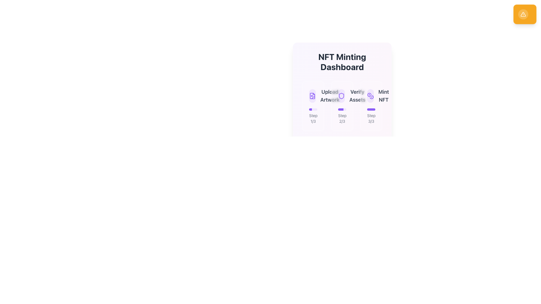 Image resolution: width=541 pixels, height=304 pixels. What do you see at coordinates (342, 116) in the screenshot?
I see `the text label displaying 'Step 2/3' which is styled in a small, gray font and located below the purple progress bar in the 'Verify Assets' step` at bounding box center [342, 116].